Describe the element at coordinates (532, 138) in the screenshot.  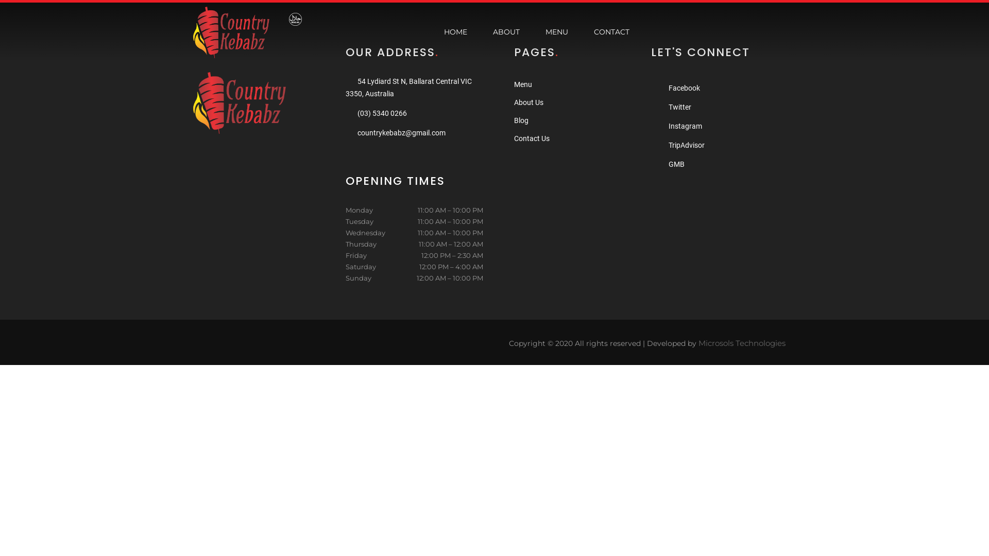
I see `'Contact Us'` at that location.